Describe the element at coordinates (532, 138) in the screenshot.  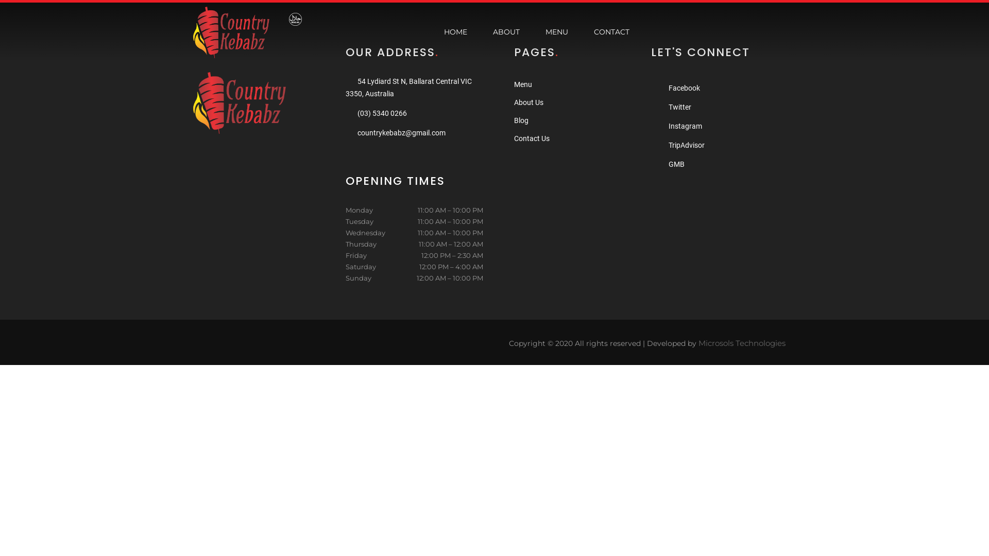
I see `'Contact Us'` at that location.